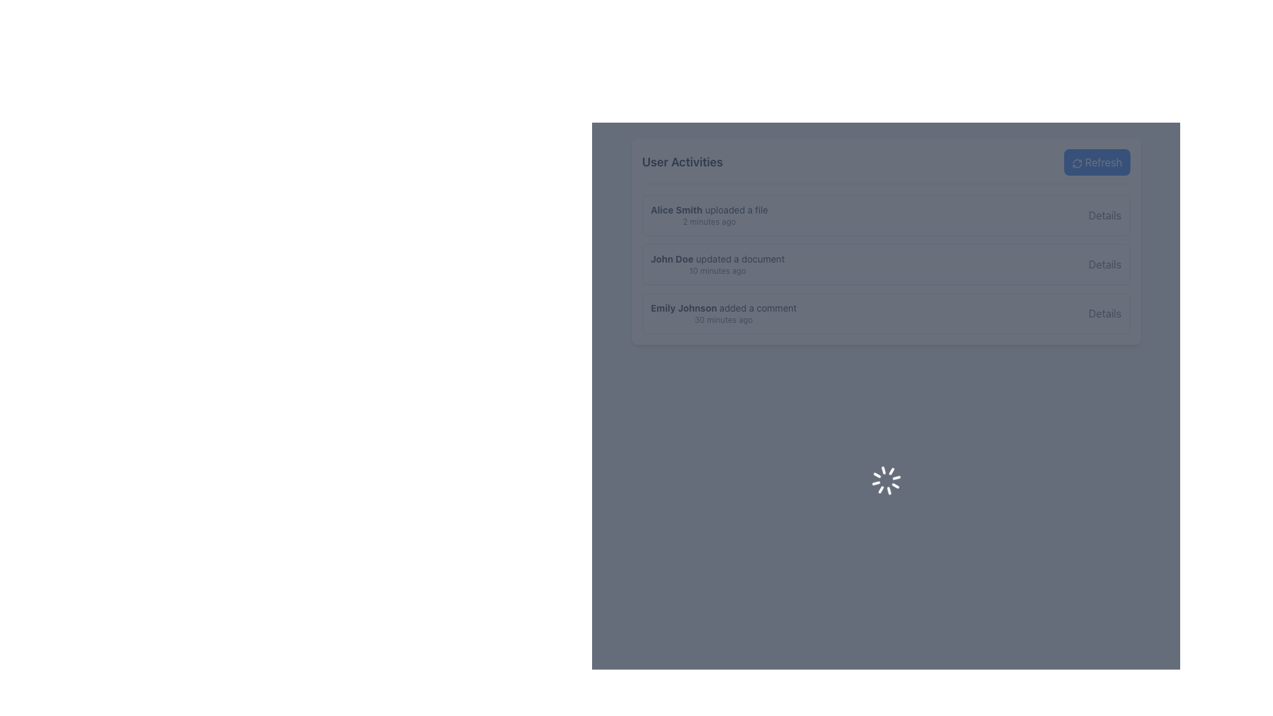 This screenshot has width=1273, height=716. What do you see at coordinates (676, 209) in the screenshot?
I see `the Text Label that indicates the name of an individual involved in an action within the 'User Activities' panel` at bounding box center [676, 209].